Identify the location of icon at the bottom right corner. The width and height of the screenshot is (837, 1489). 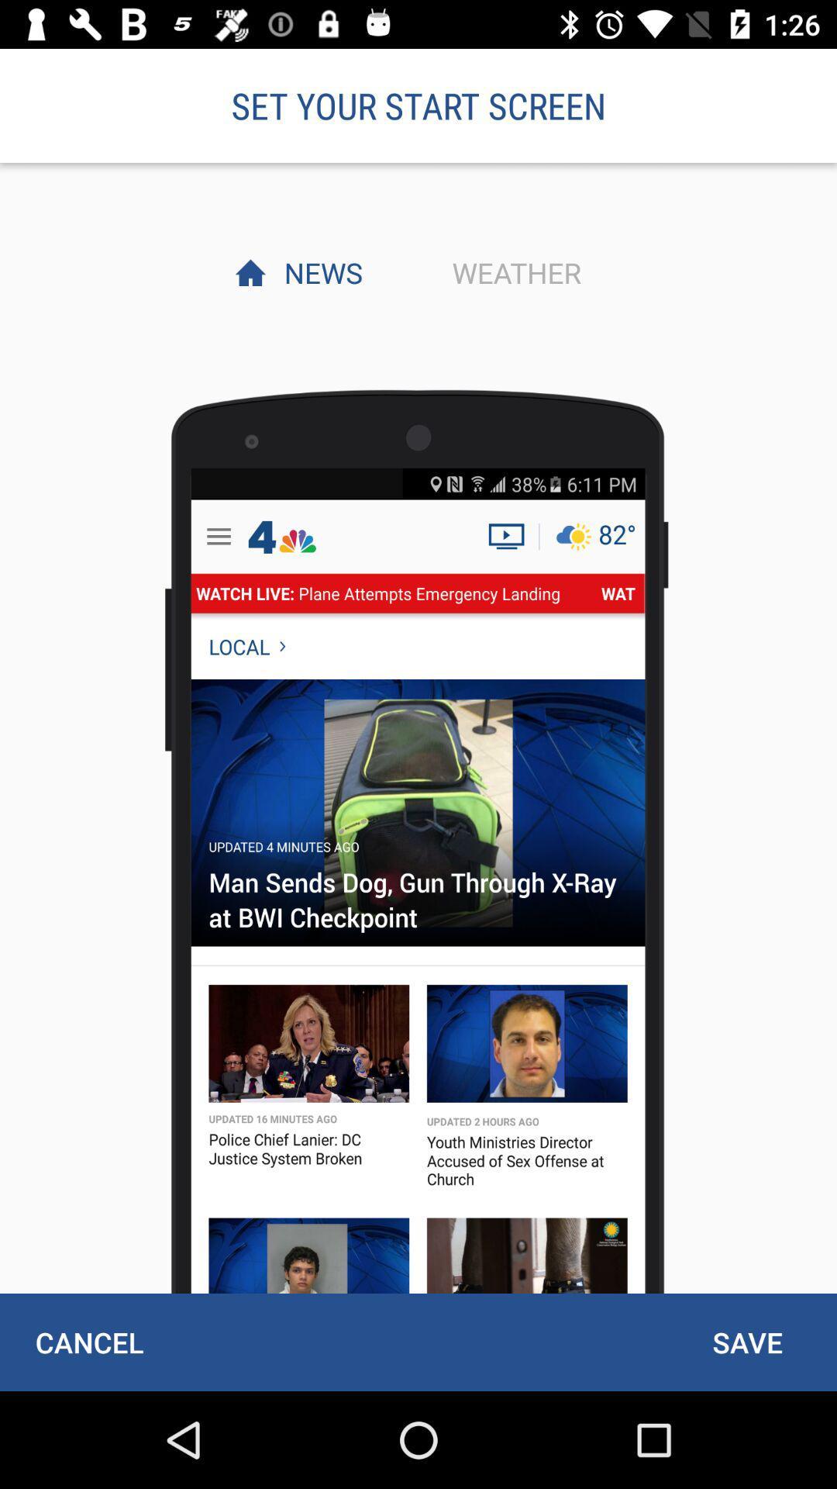
(746, 1342).